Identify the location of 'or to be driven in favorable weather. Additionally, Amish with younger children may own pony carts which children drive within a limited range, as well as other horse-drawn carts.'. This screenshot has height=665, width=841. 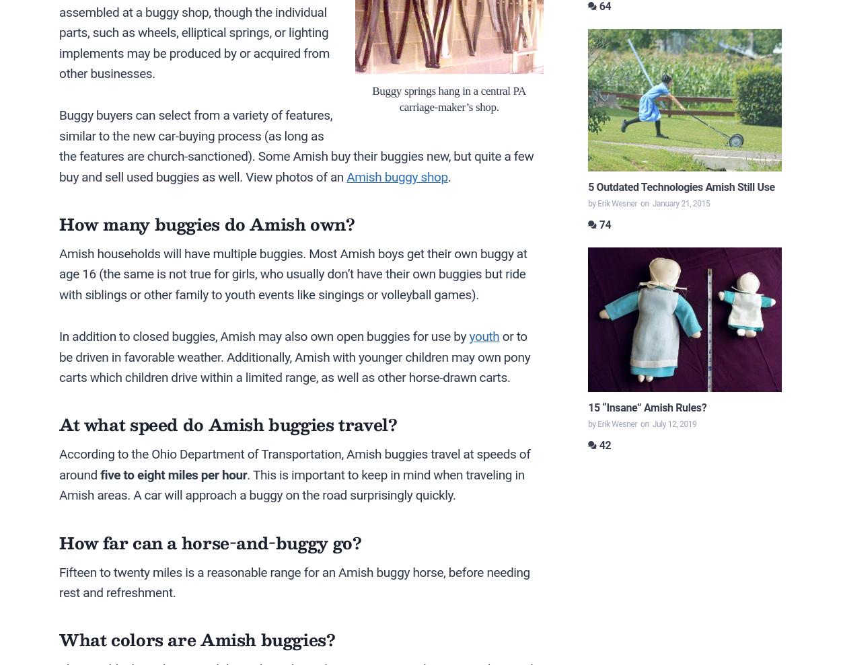
(295, 356).